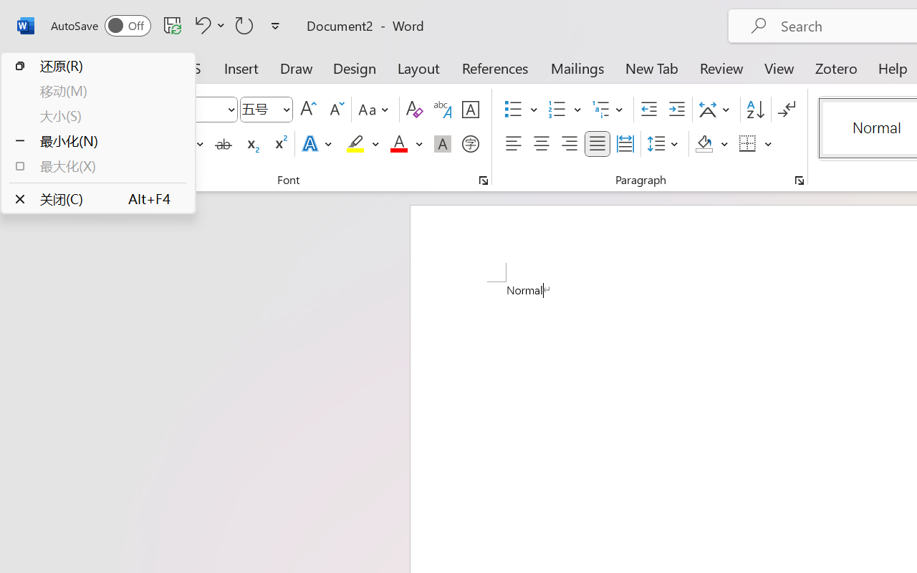 The image size is (917, 573). I want to click on 'Quick Access Toolbar', so click(168, 25).